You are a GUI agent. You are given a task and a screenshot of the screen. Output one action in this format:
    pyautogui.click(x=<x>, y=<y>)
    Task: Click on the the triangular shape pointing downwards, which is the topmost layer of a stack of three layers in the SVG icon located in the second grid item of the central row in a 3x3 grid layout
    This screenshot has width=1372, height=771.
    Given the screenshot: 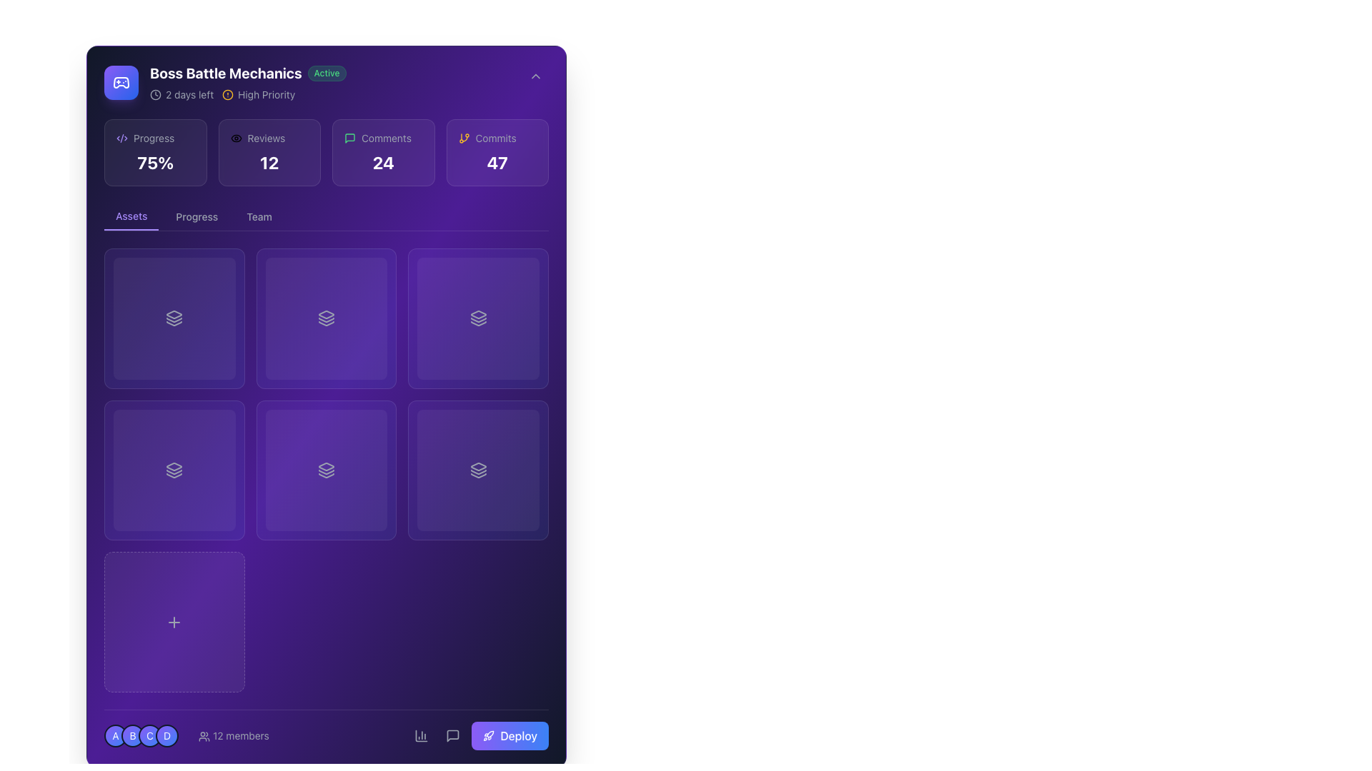 What is the action you would take?
    pyautogui.click(x=325, y=314)
    